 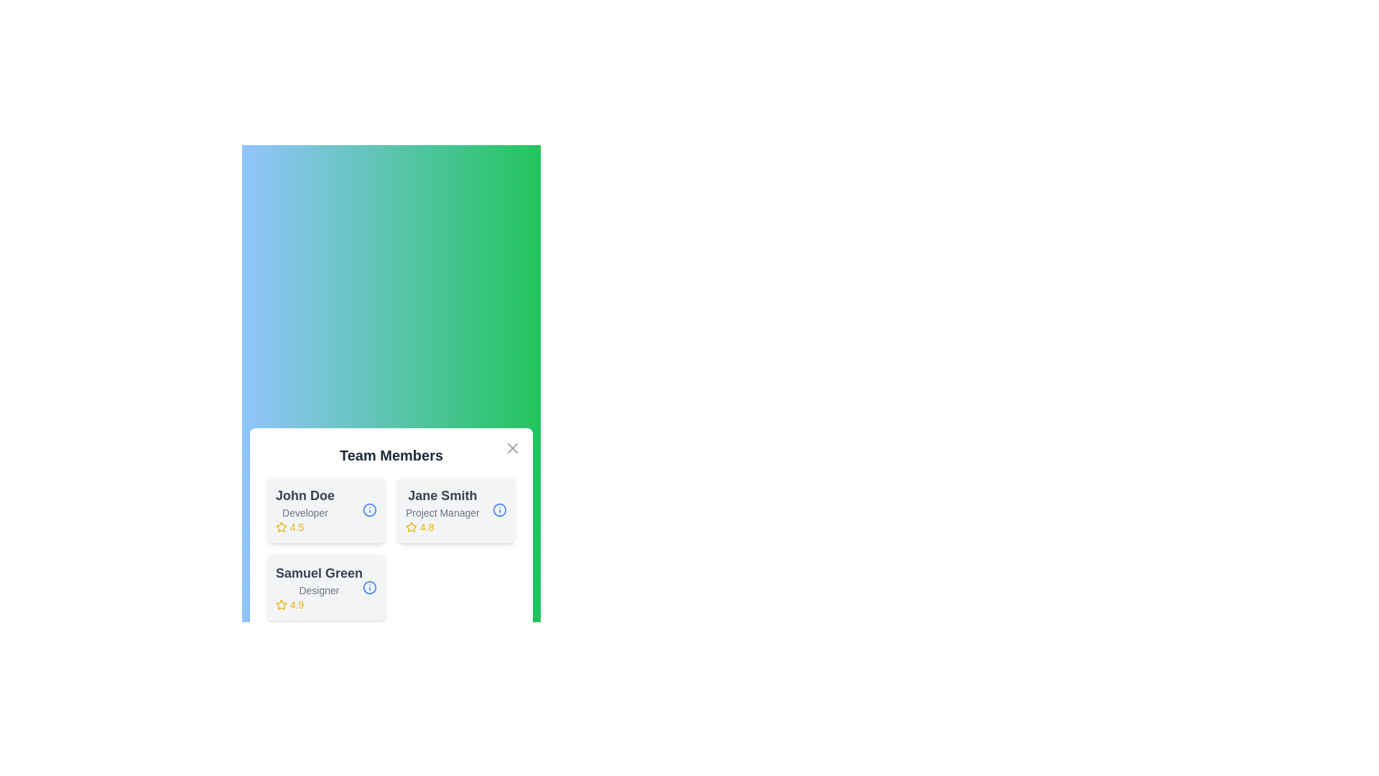 I want to click on the profile card of John Doe, so click(x=325, y=509).